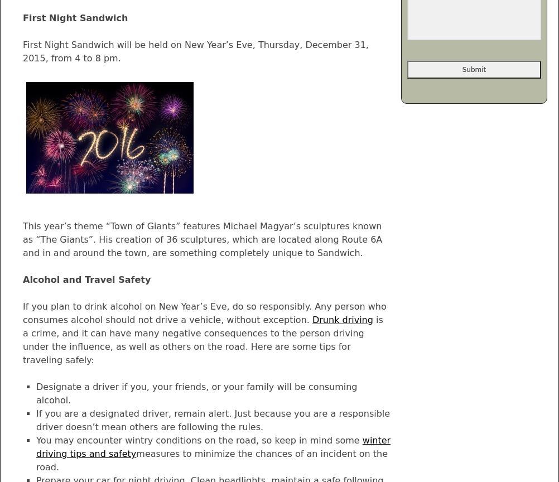 Image resolution: width=559 pixels, height=482 pixels. What do you see at coordinates (213, 420) in the screenshot?
I see `'If you are a designated driver, remain alert. Just because you are a responsible driver doesn’t mean others are following the rules.'` at bounding box center [213, 420].